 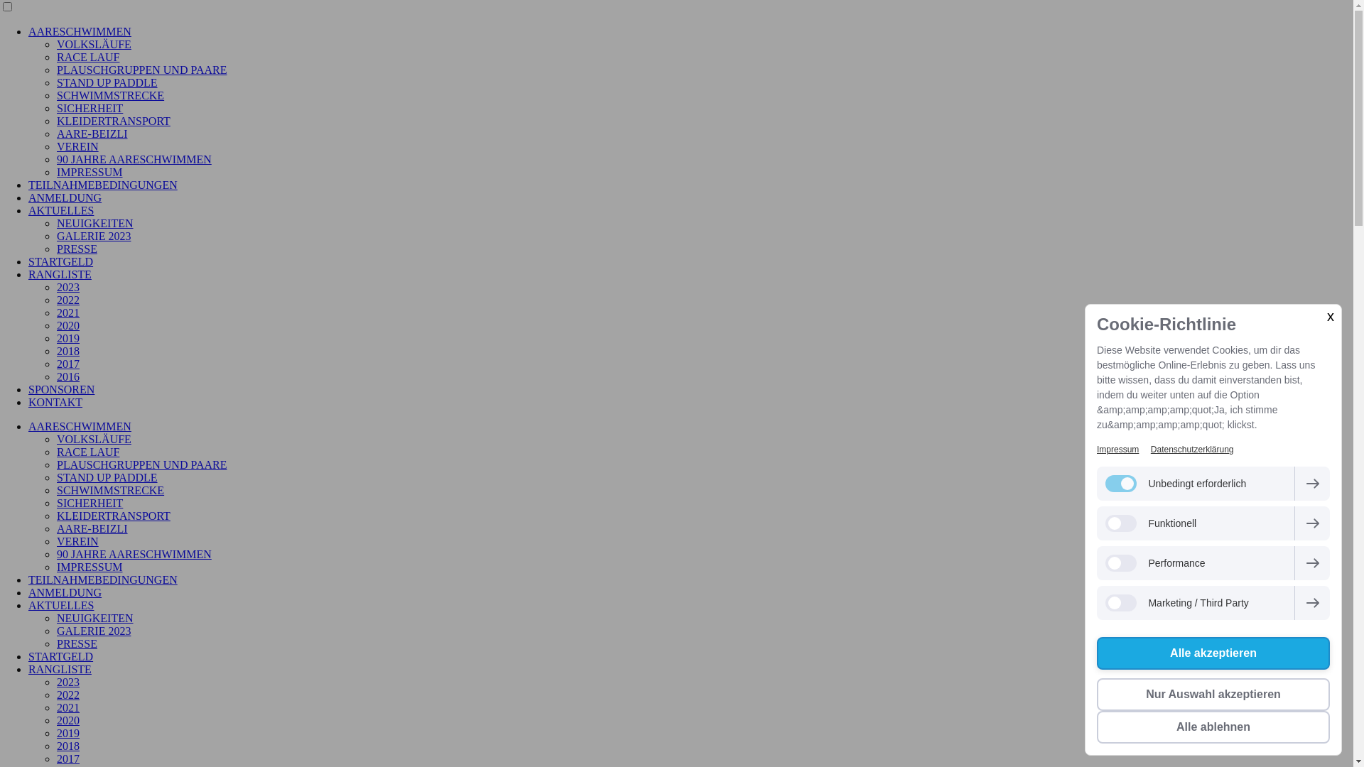 I want to click on 'PLAUSCHGRUPPEN UND PAARE', so click(x=57, y=464).